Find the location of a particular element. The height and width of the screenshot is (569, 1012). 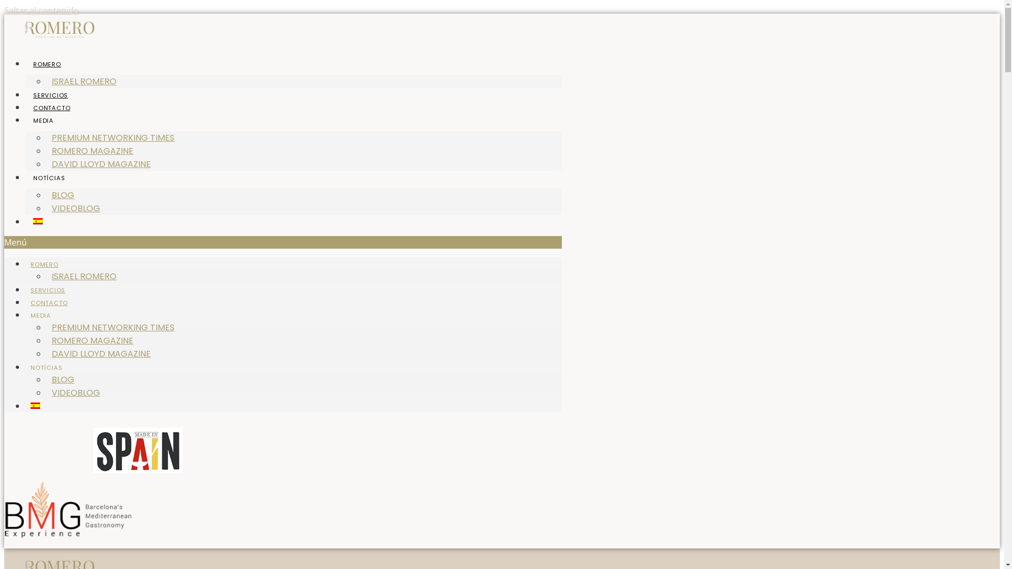

'ROMERO' is located at coordinates (25, 64).